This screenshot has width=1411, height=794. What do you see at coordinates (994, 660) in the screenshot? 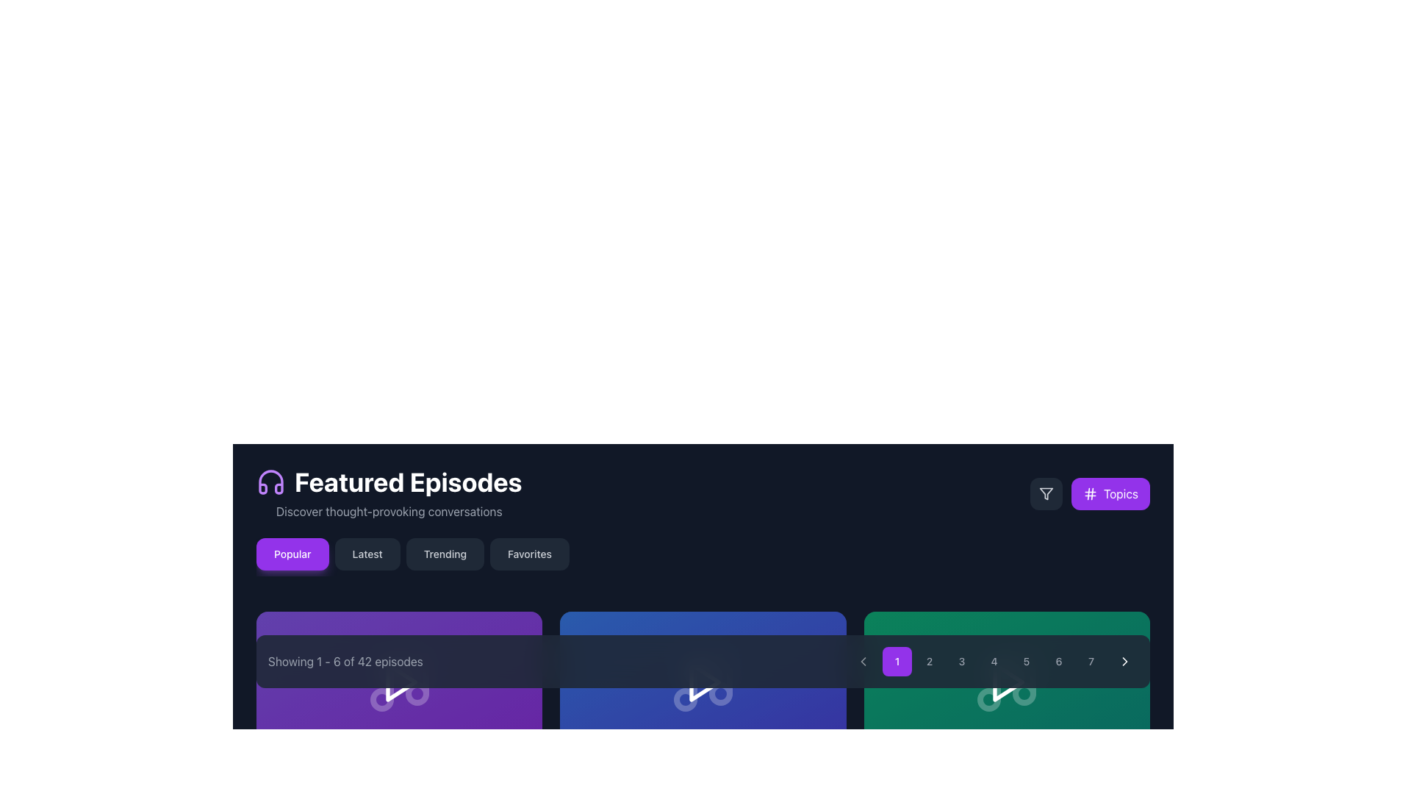
I see `the circular gray button displaying the number 4` at bounding box center [994, 660].